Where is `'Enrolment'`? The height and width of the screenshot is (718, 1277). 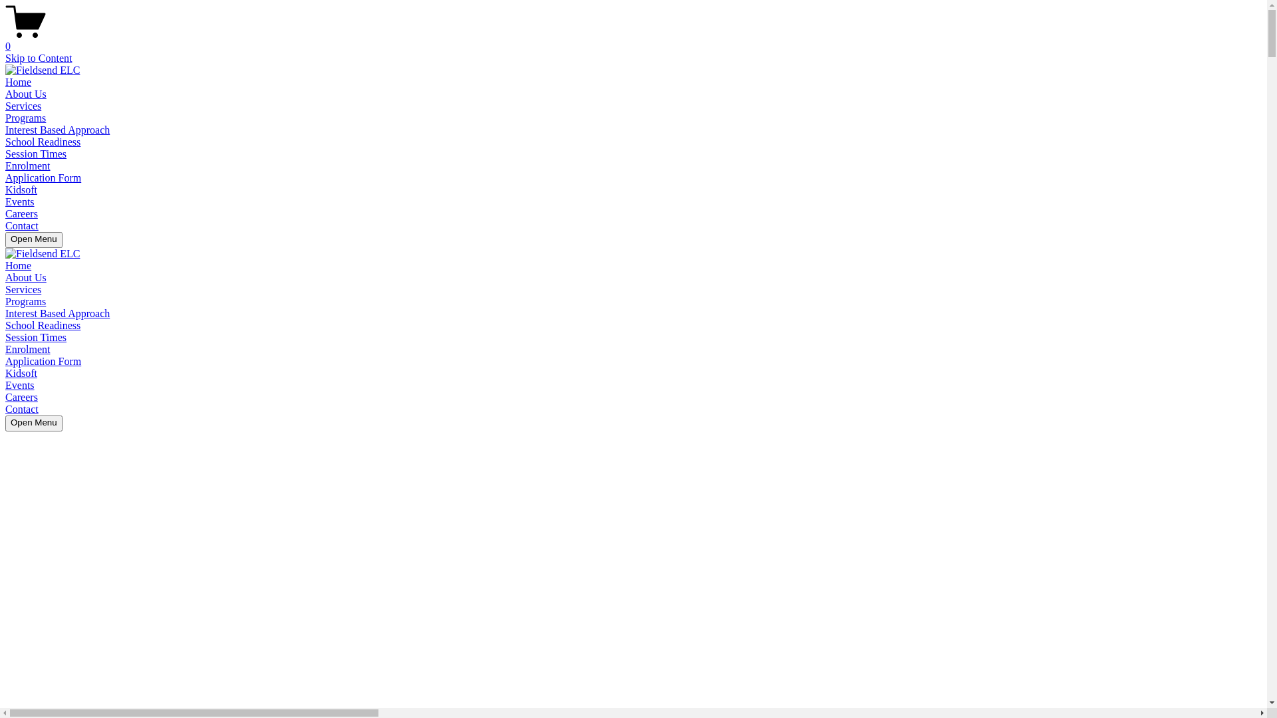 'Enrolment' is located at coordinates (5, 348).